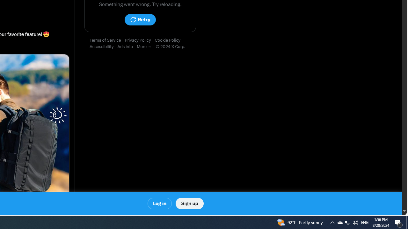 This screenshot has height=229, width=408. I want to click on 'Log in', so click(160, 204).